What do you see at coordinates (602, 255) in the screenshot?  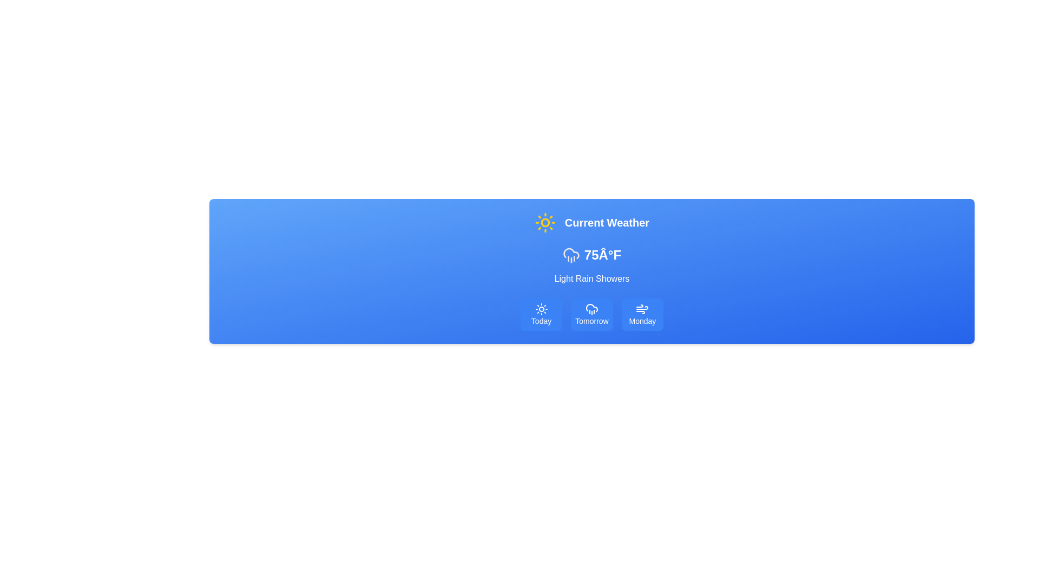 I see `the static text element displaying '75°F' in large, bold font, which is located centrally within the blue weather display card` at bounding box center [602, 255].